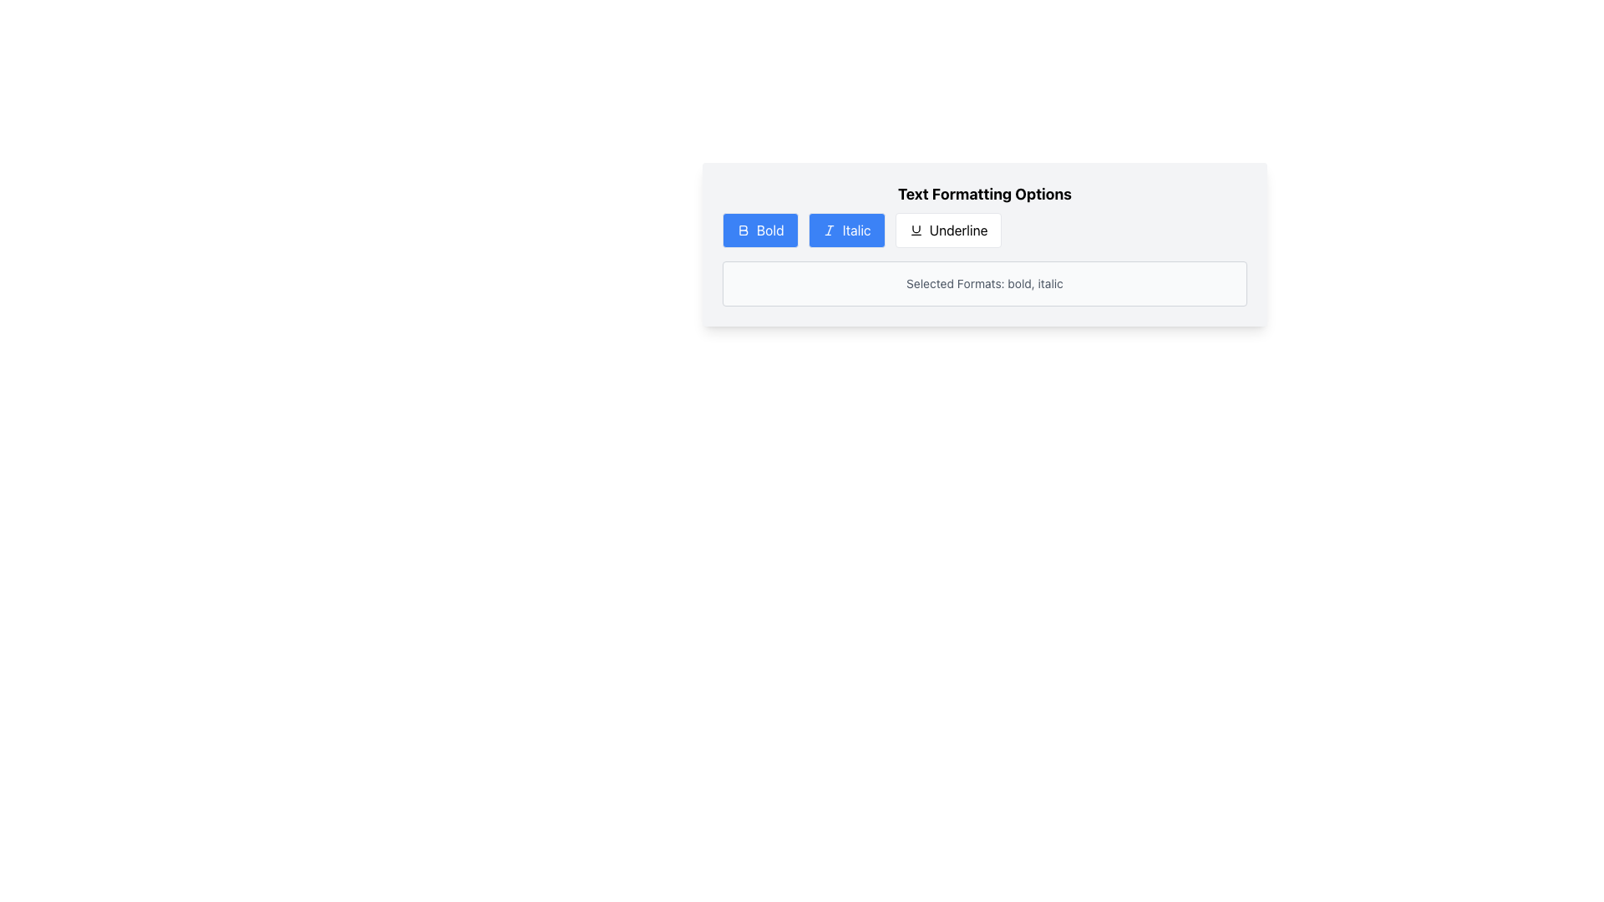 This screenshot has height=902, width=1604. What do you see at coordinates (985, 245) in the screenshot?
I see `the 'Underline' button in the text formatting toolbar` at bounding box center [985, 245].